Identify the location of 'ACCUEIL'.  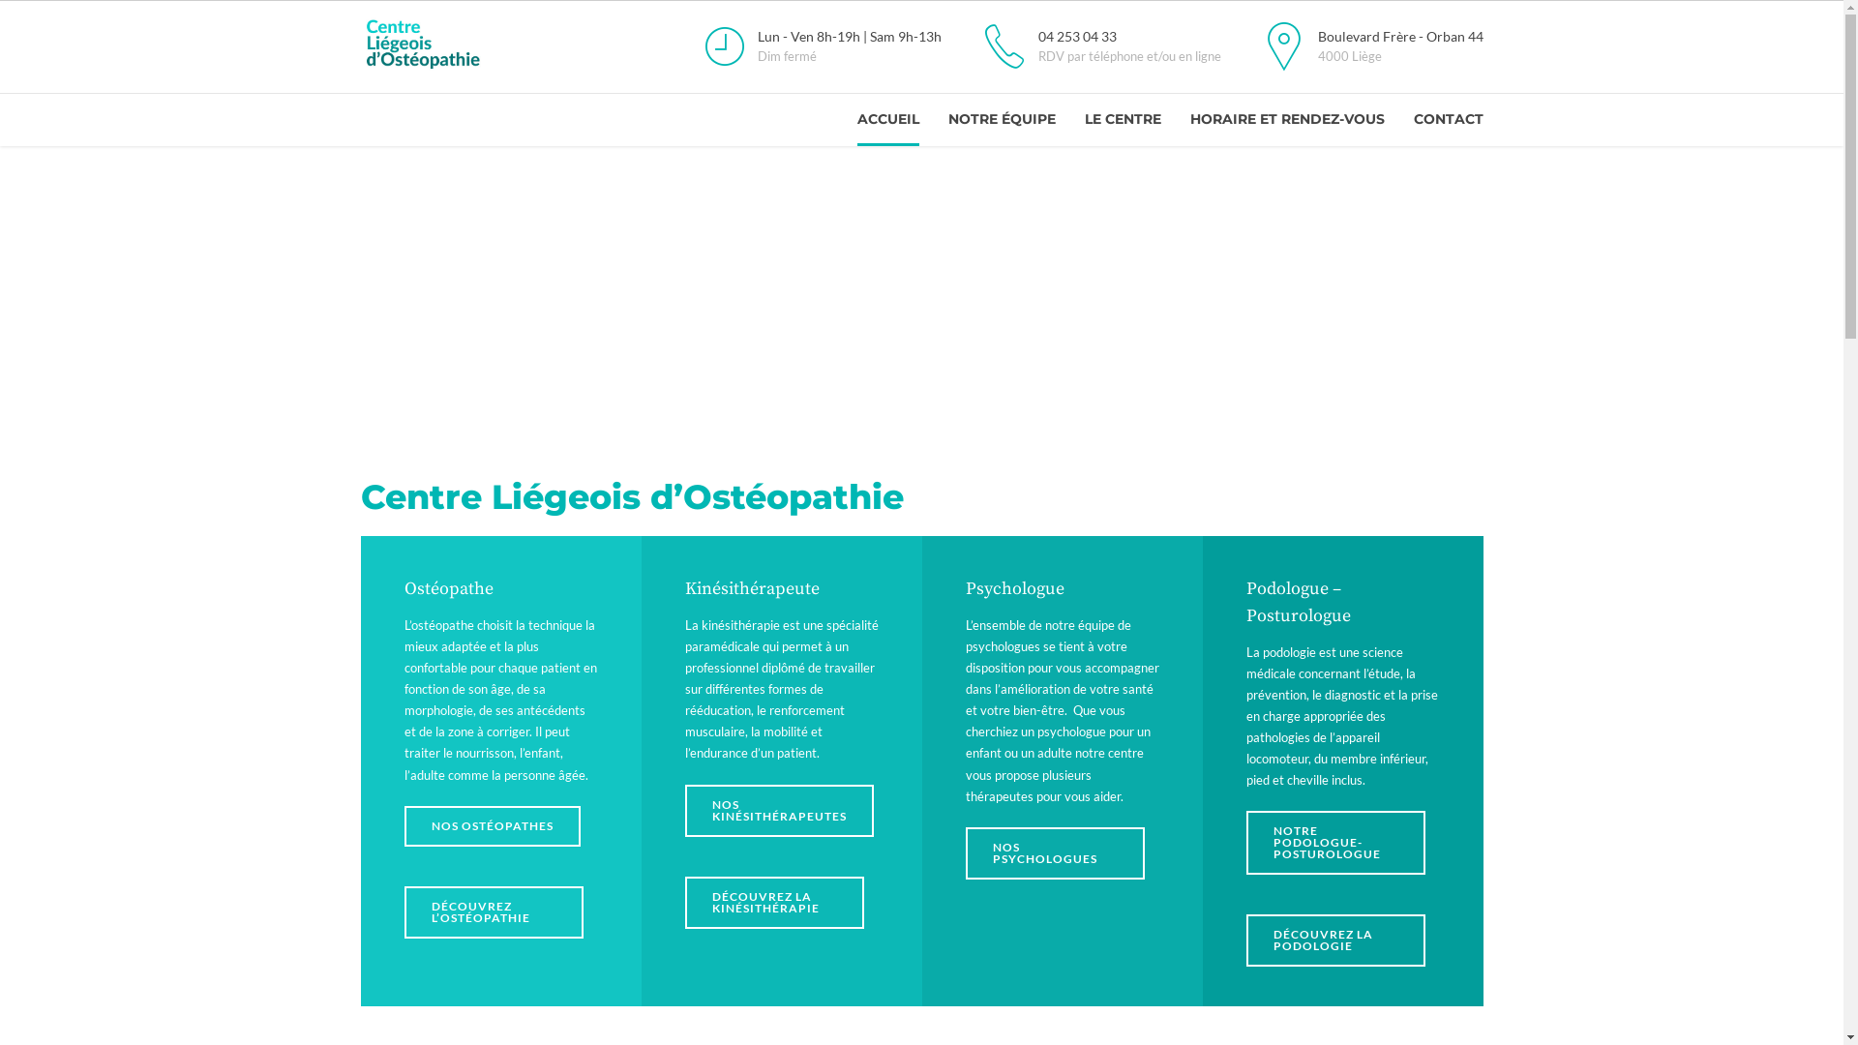
(886, 119).